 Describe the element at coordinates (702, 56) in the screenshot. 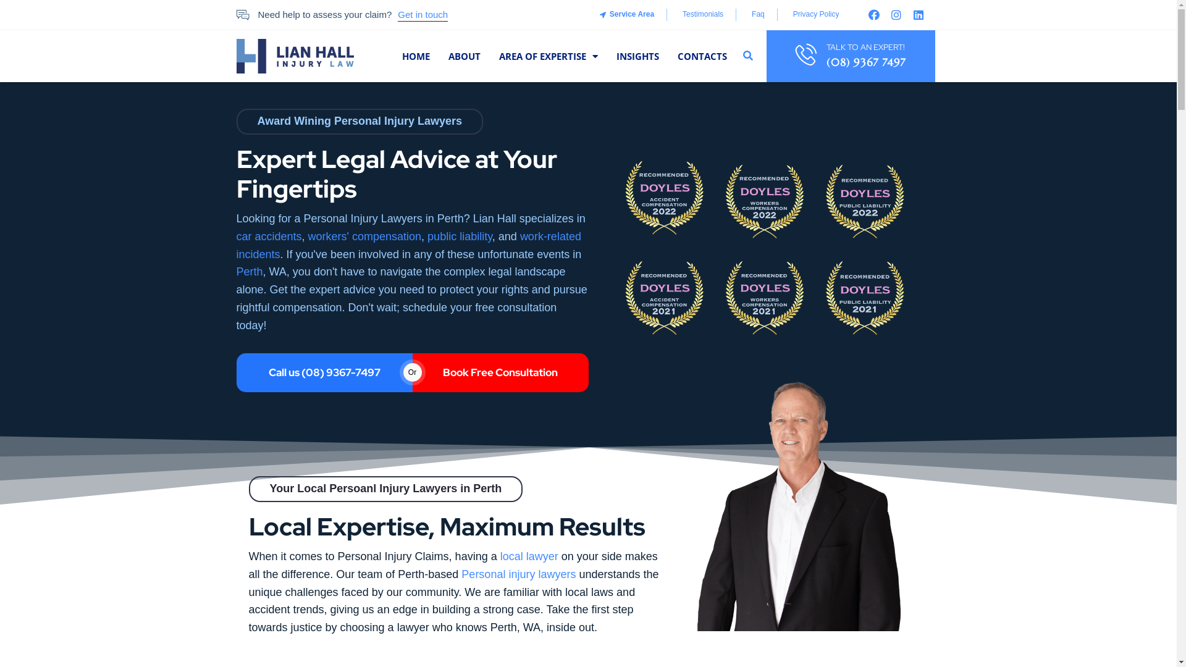

I see `'CONTACTS'` at that location.